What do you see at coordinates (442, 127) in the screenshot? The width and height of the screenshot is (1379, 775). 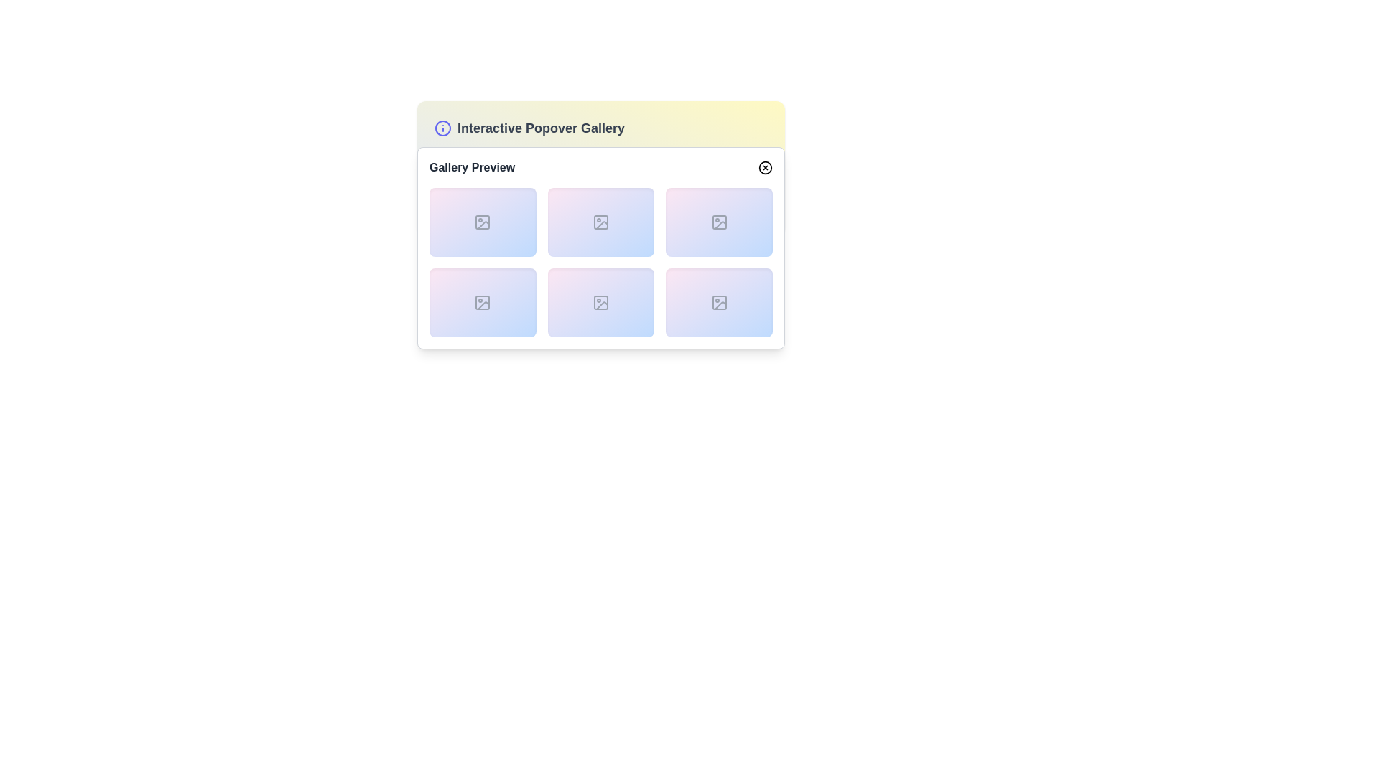 I see `the info icon located at the top-left corner of the 'Interactive Popover Gallery' section, which provides additional details or guidance when interacted with` at bounding box center [442, 127].